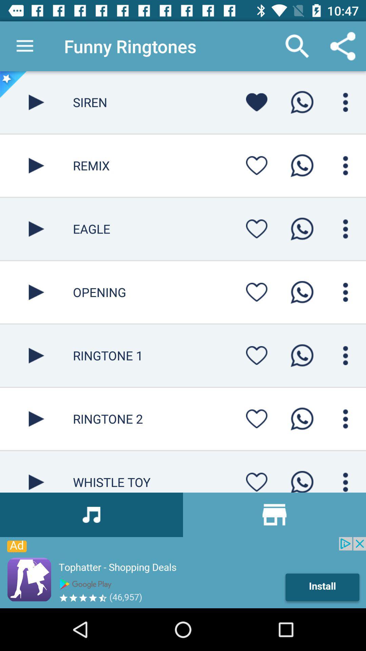  Describe the element at coordinates (183, 572) in the screenshot. I see `advertisement` at that location.